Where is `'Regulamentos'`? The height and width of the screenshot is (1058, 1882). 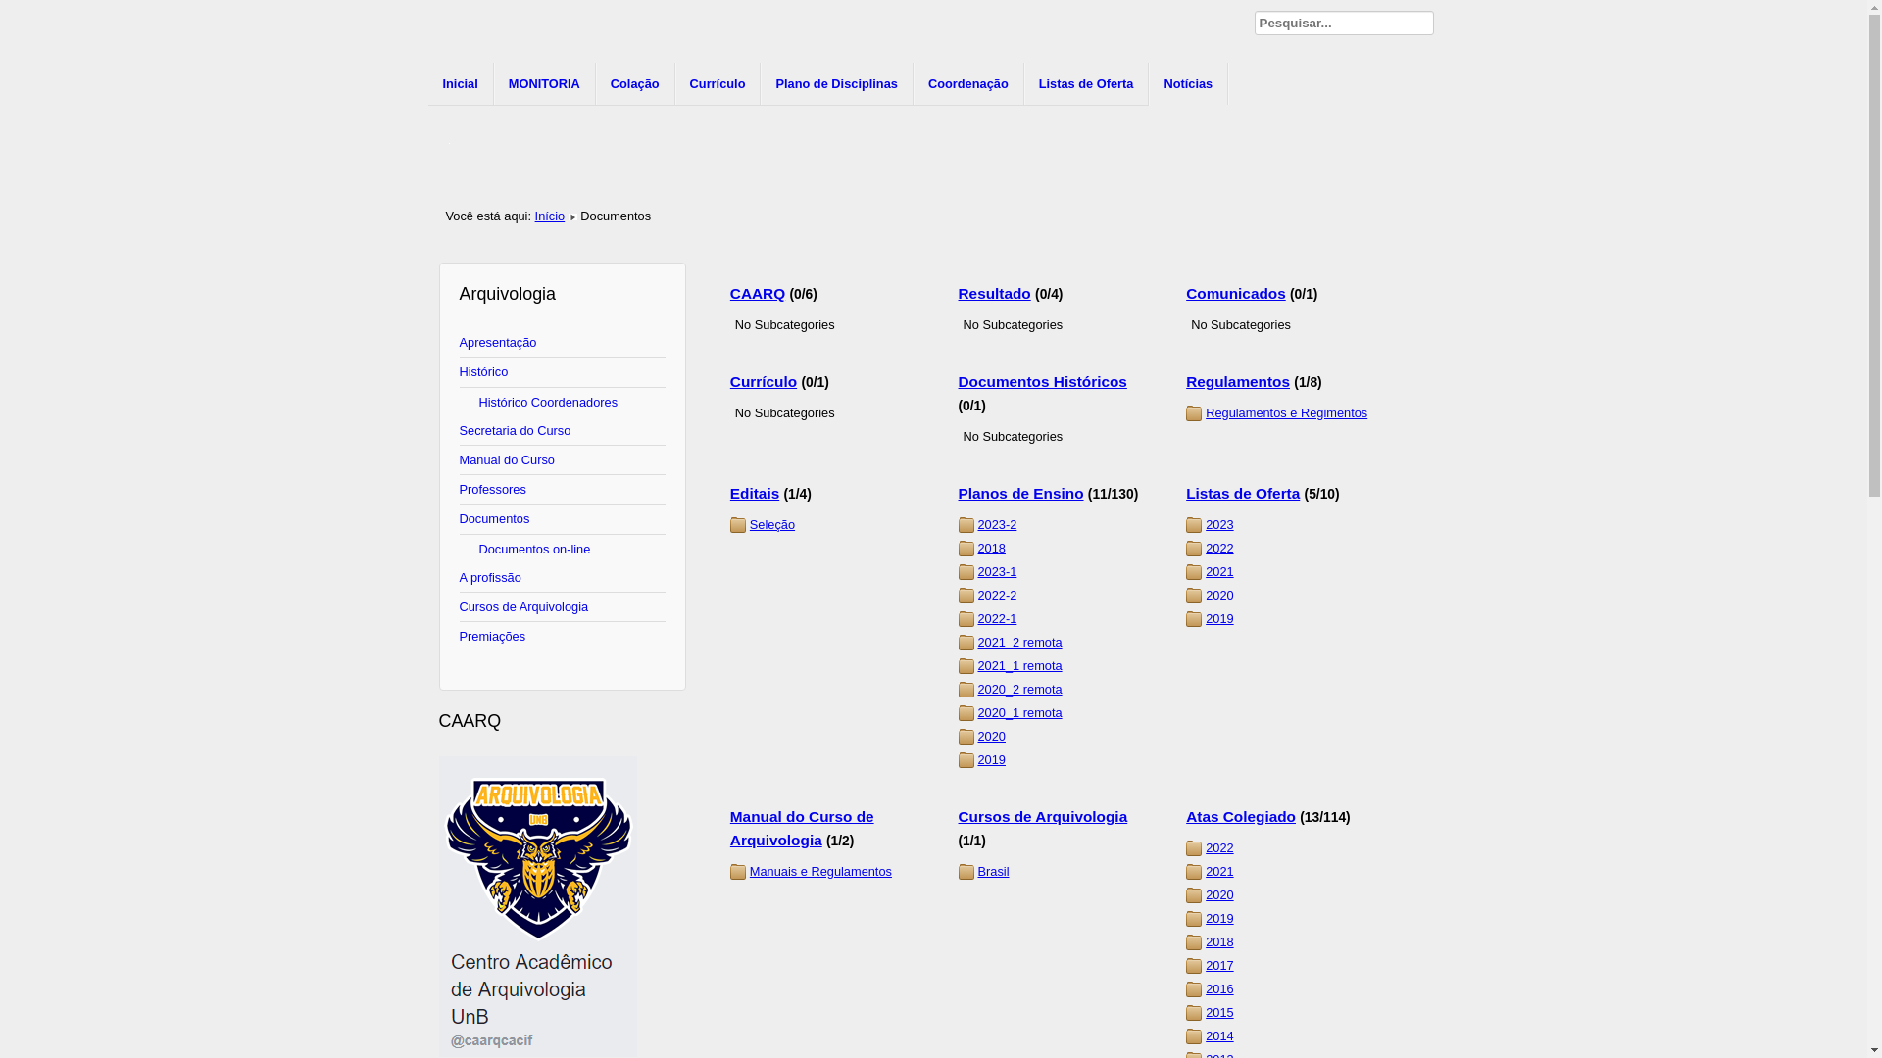
'Regulamentos' is located at coordinates (1184, 381).